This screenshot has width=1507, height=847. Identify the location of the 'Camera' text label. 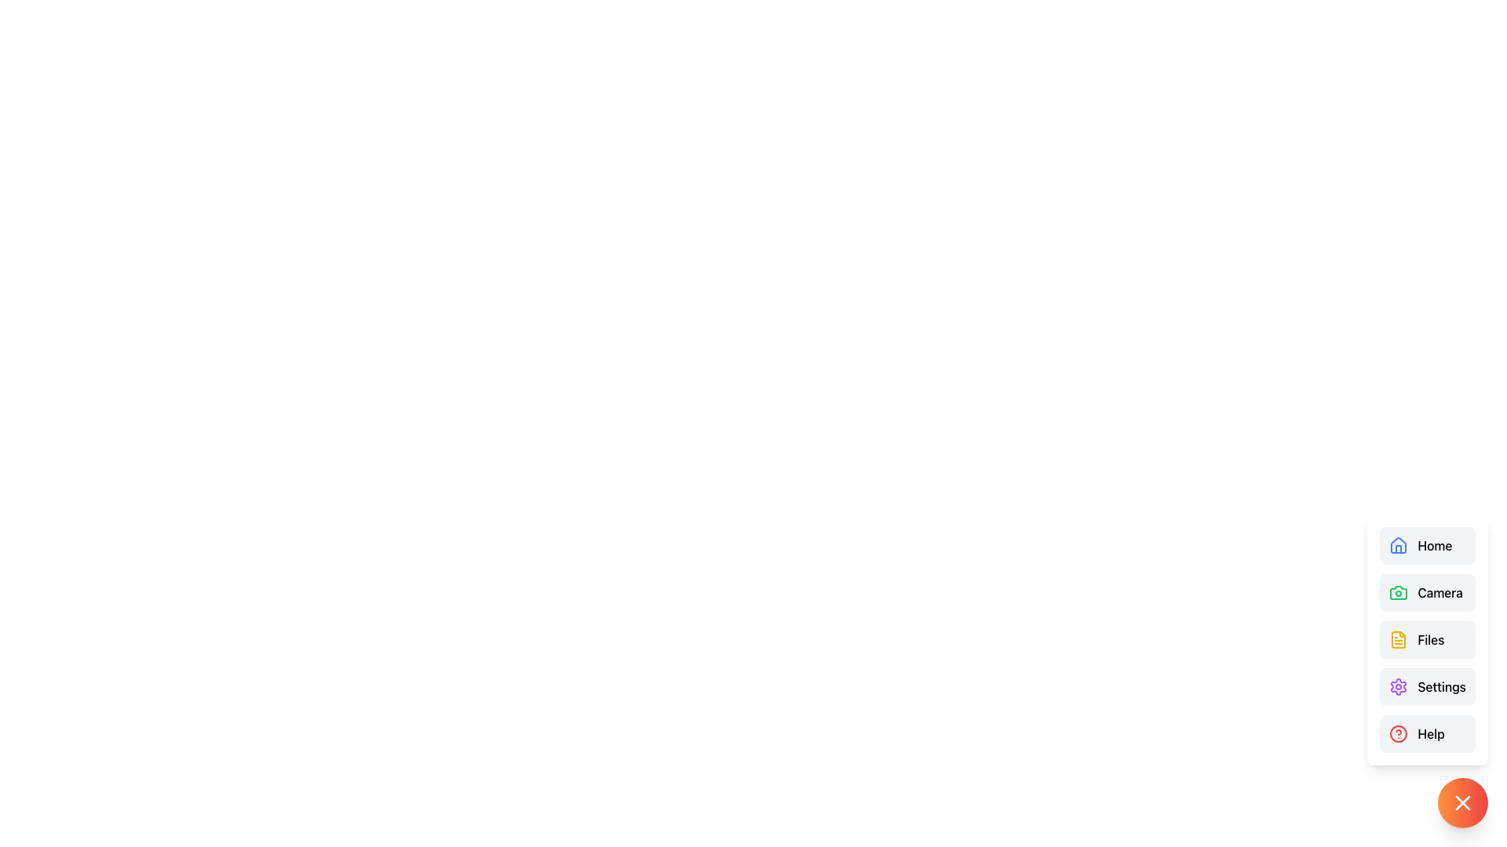
(1439, 593).